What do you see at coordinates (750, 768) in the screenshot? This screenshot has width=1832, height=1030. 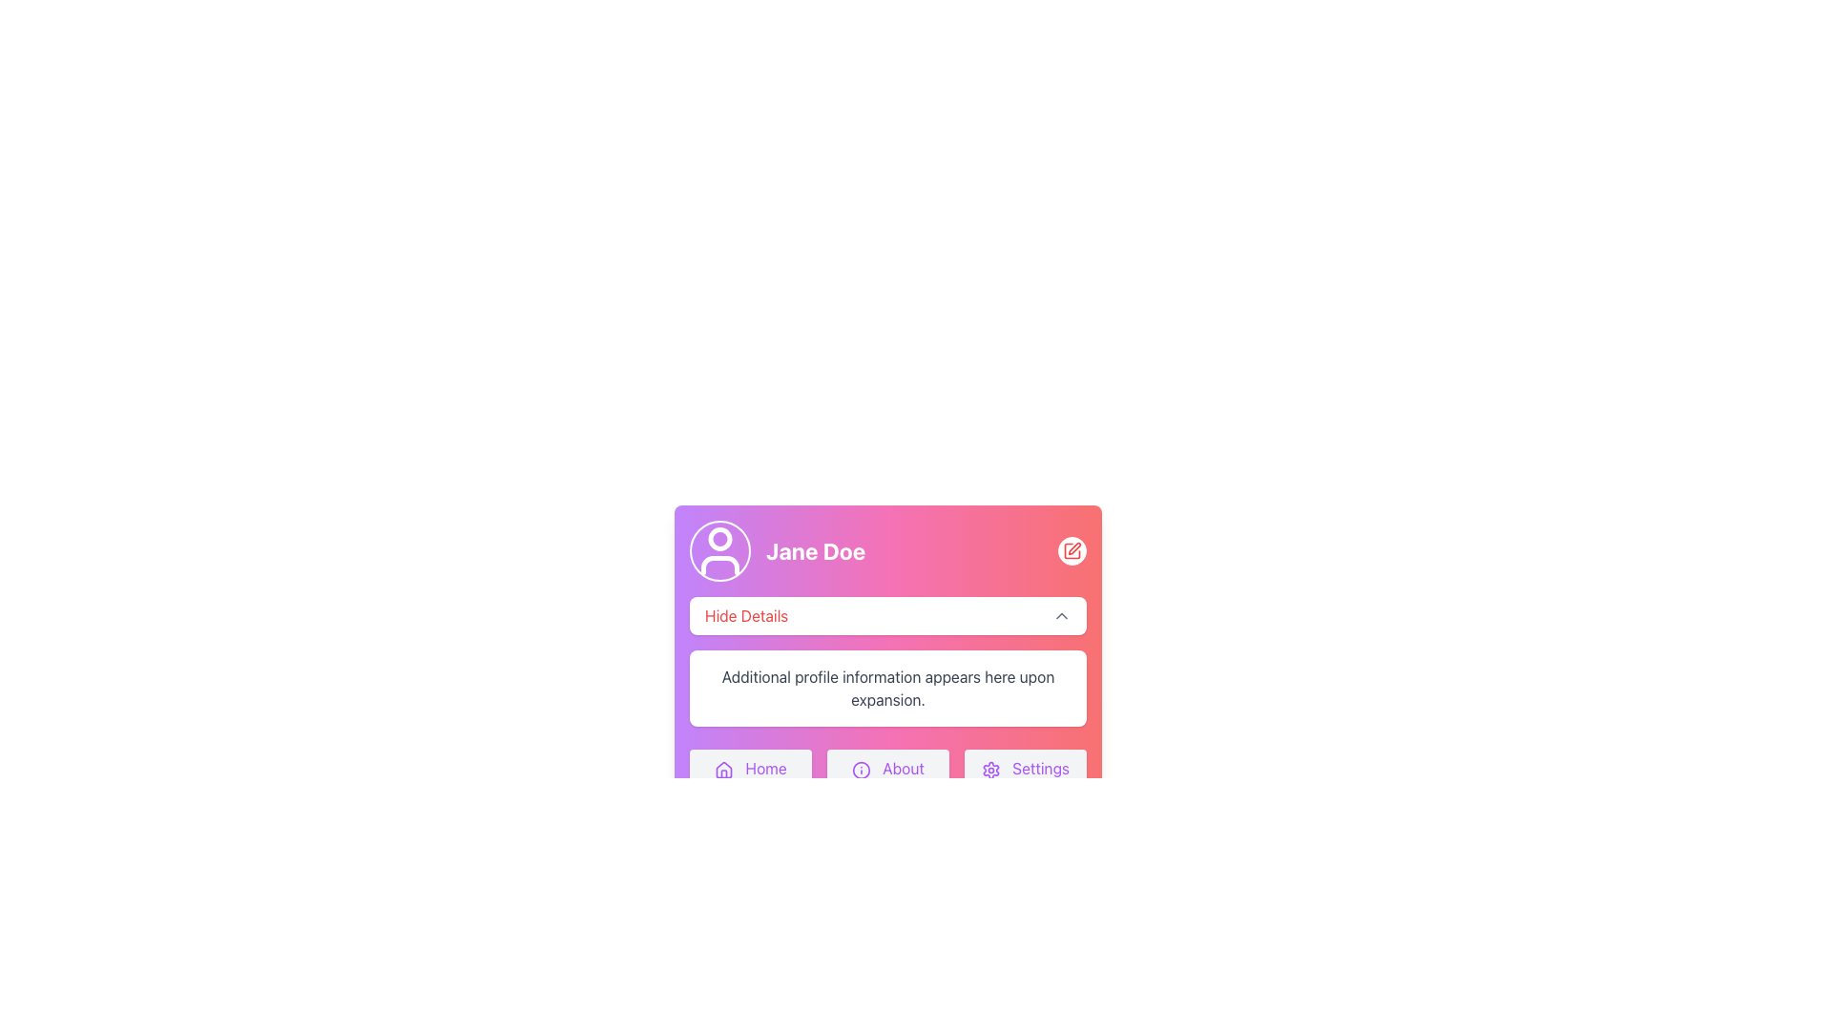 I see `the 'Home' button, which is the first button in a row of three buttons located at the bottom section of a profile card, featuring a purple house icon and the text 'Home' in purple` at bounding box center [750, 768].